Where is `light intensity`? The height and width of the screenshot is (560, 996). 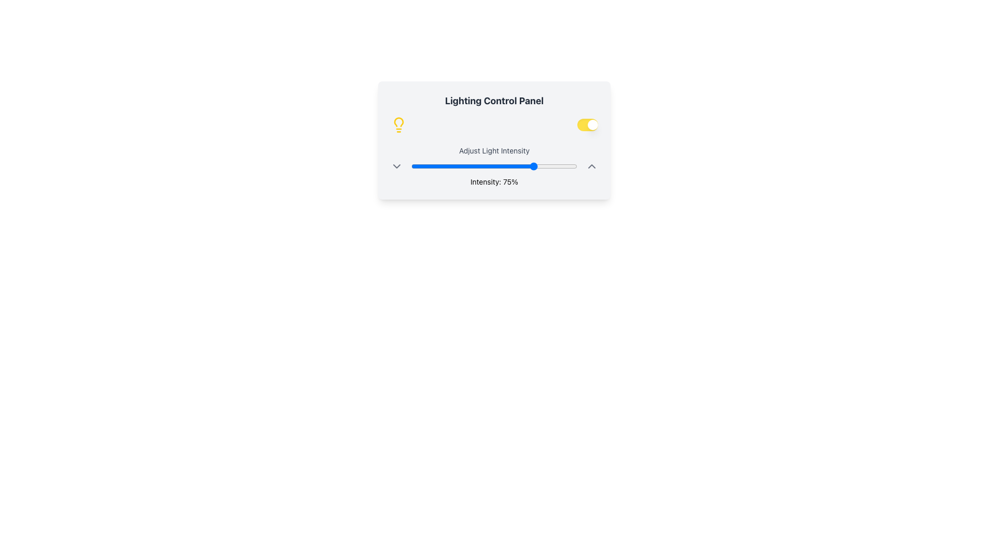
light intensity is located at coordinates (555, 165).